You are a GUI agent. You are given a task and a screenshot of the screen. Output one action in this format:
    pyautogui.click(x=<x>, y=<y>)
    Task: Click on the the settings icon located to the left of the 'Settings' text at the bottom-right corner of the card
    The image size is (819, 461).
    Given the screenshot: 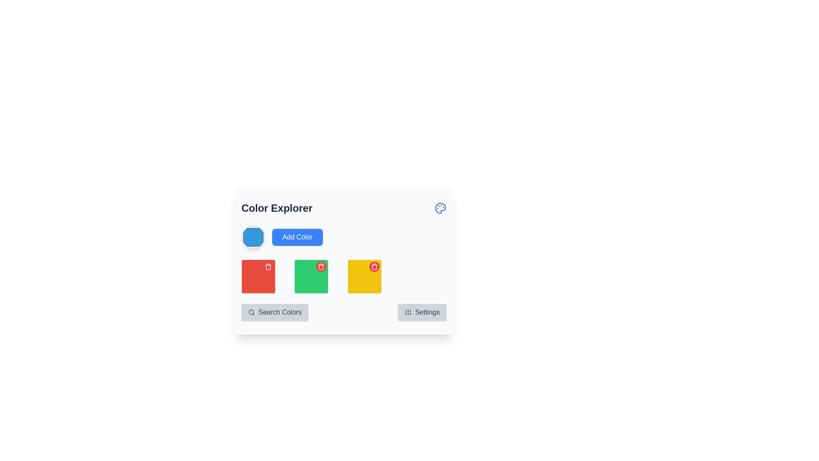 What is the action you would take?
    pyautogui.click(x=408, y=312)
    